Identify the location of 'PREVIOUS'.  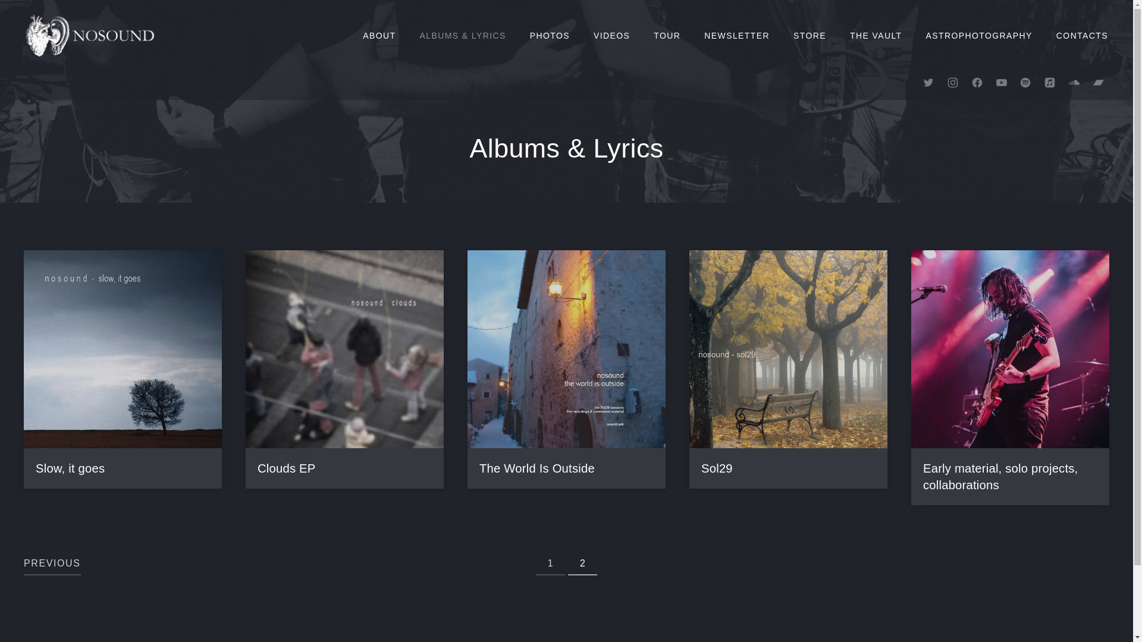
(51, 563).